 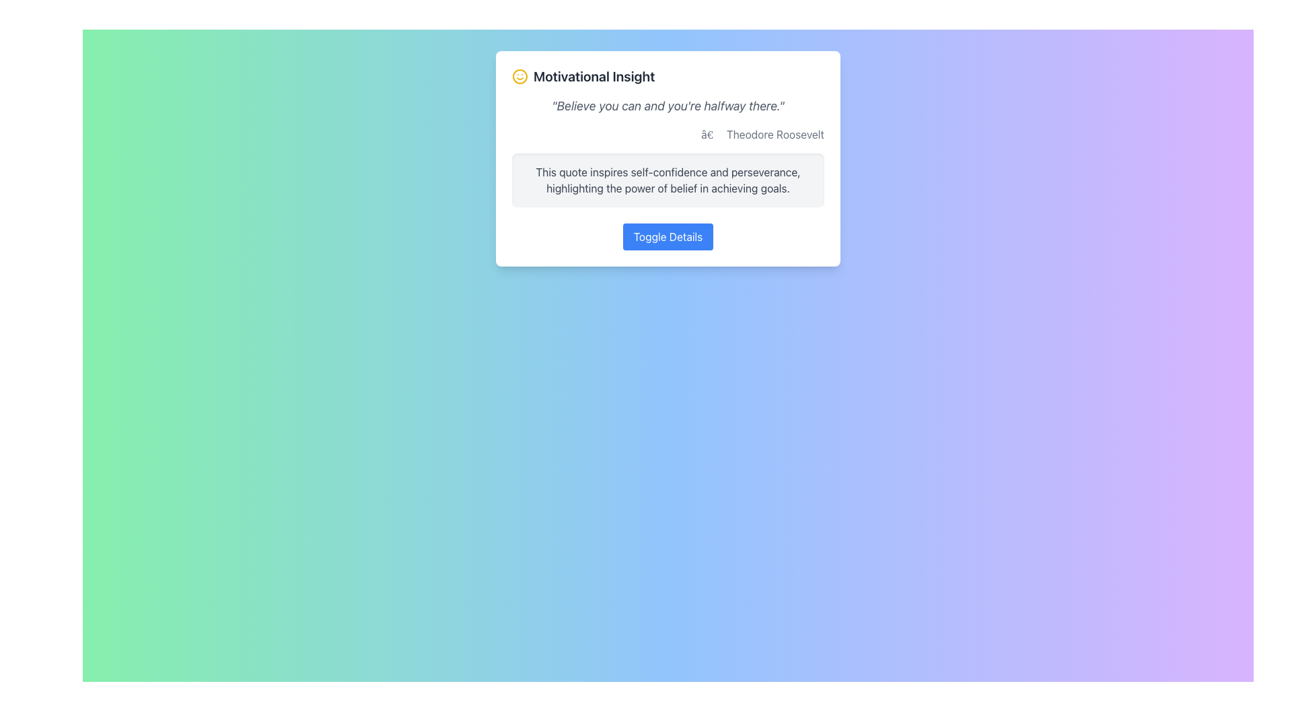 What do you see at coordinates (668, 106) in the screenshot?
I see `the static text displaying a motivational quote, located below the 'Motivational Insight' heading in the white card` at bounding box center [668, 106].